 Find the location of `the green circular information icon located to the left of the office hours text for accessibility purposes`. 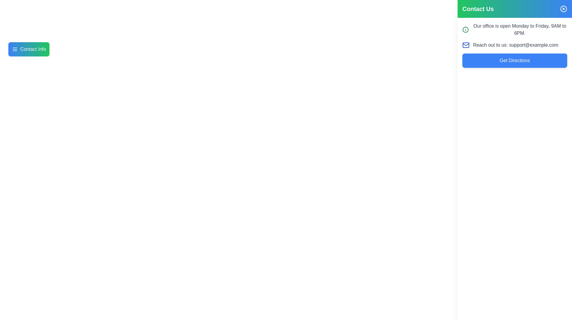

the green circular information icon located to the left of the office hours text for accessibility purposes is located at coordinates (465, 30).